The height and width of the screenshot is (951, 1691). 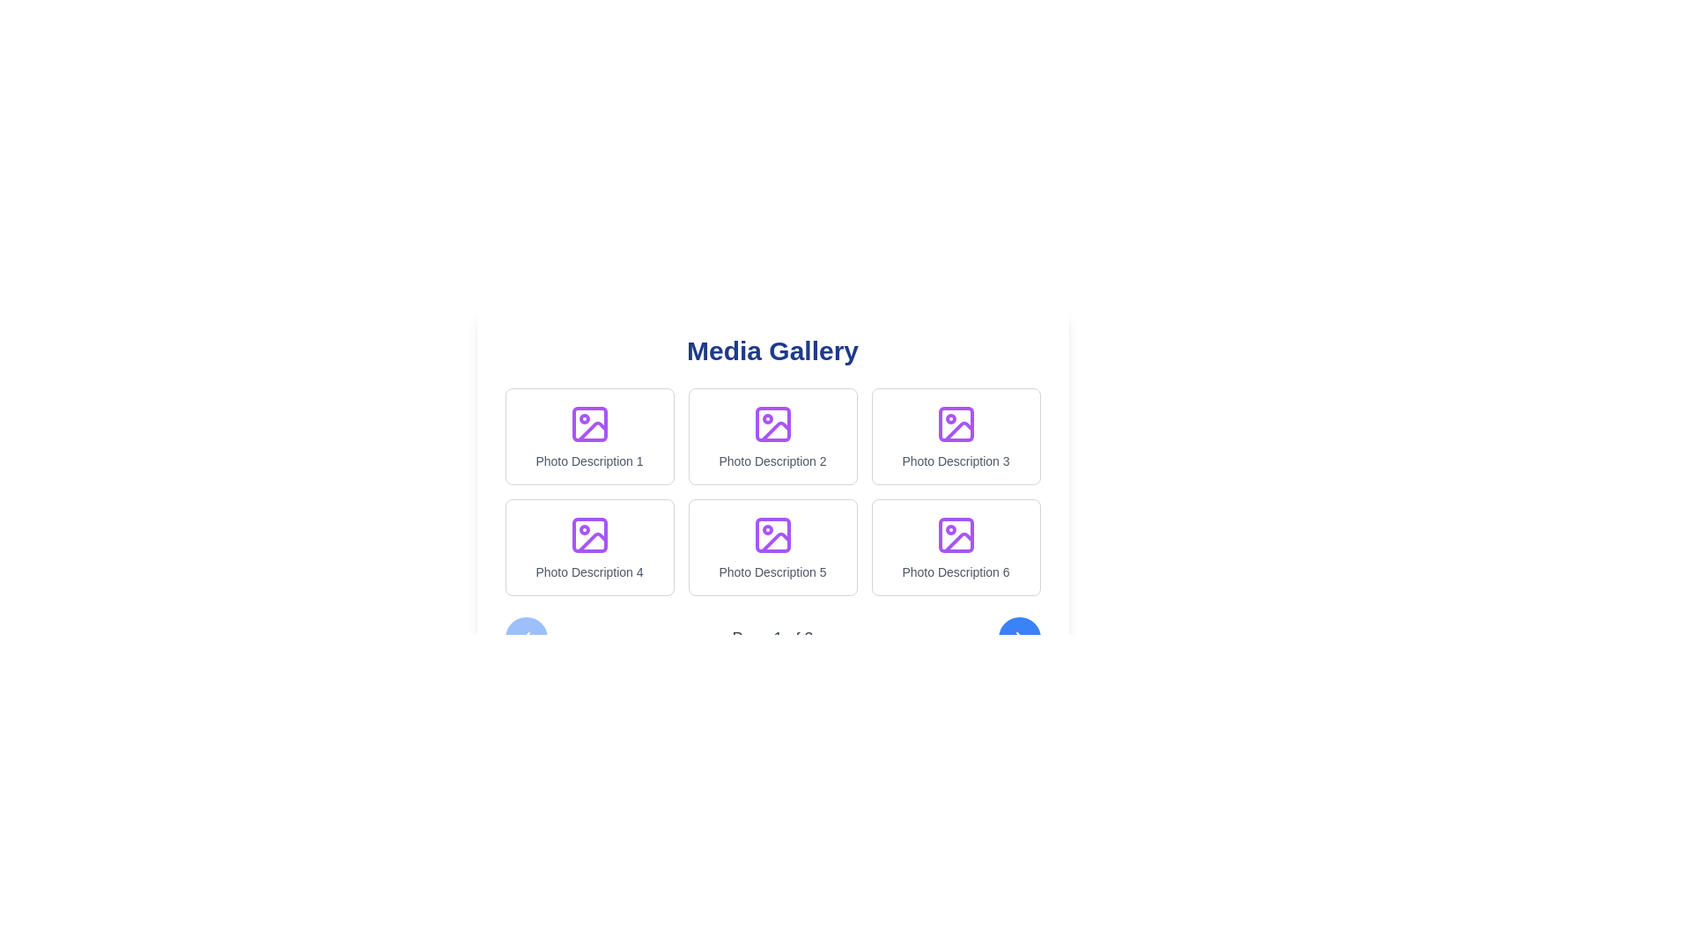 I want to click on the text label located centrally below the image icon in the first card of the 'Media Gallery' section, so click(x=589, y=461).